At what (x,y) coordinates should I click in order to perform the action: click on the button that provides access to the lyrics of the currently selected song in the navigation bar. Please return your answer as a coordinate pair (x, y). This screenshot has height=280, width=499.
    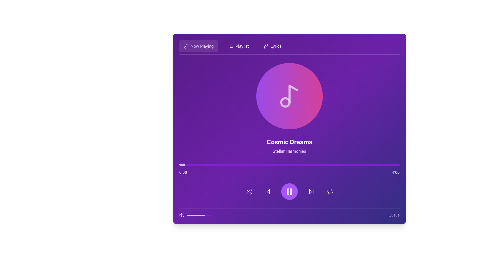
    Looking at the image, I should click on (272, 46).